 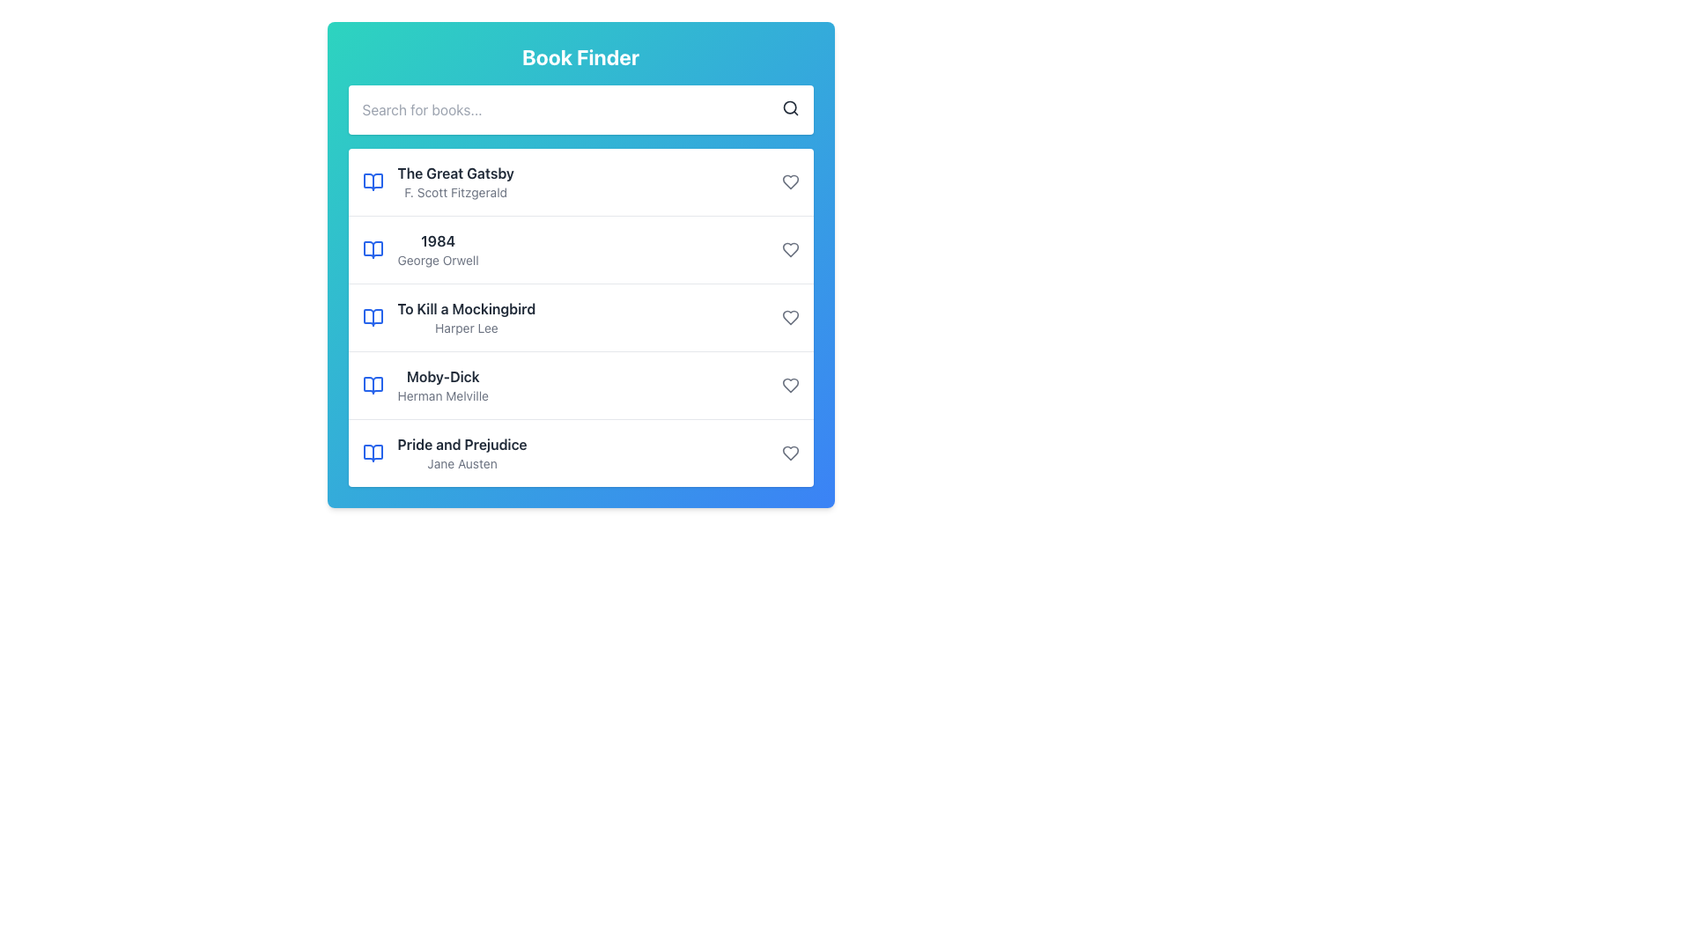 What do you see at coordinates (466, 308) in the screenshot?
I see `the title text of the third book in the vertically listed book selection interface, located above 'Harper Lee' and to the right of the book icon, to interact with the associated action` at bounding box center [466, 308].